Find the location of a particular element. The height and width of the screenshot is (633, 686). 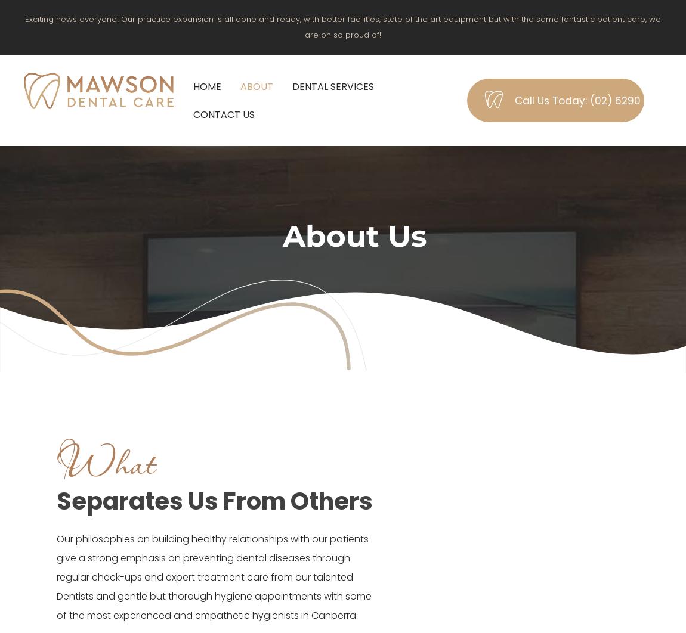

'Dental Services' is located at coordinates (332, 86).